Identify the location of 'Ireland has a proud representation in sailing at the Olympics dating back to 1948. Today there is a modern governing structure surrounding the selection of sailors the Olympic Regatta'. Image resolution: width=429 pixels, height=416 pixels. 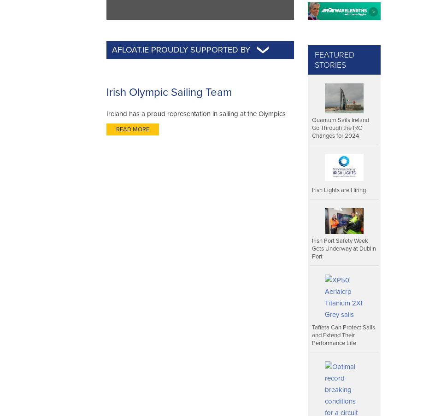
(195, 130).